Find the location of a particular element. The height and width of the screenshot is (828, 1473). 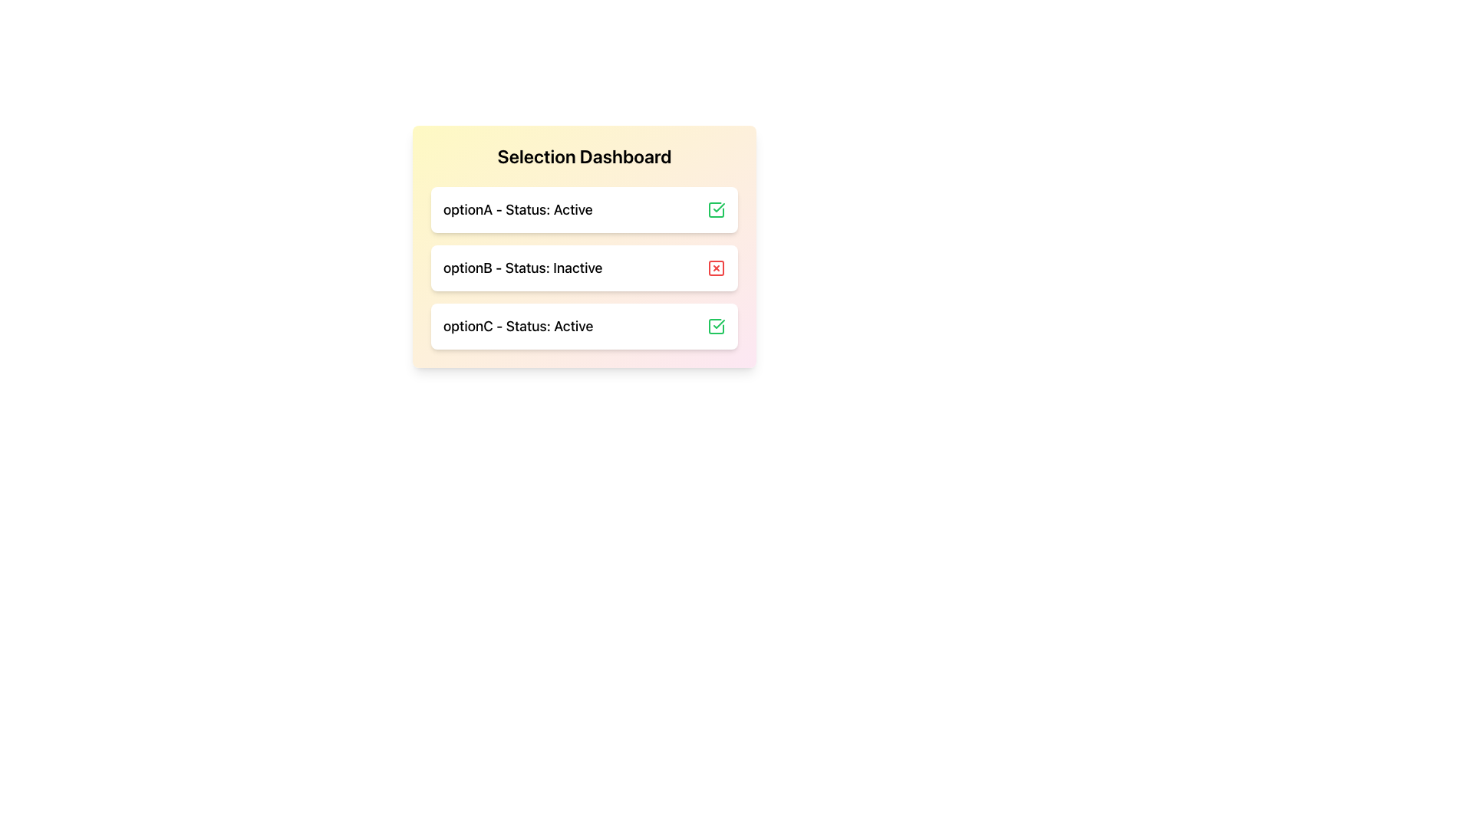

status information from the static text label indicating that 'optionA' is active, located at the topmost item of the vertically stacked list is located at coordinates (518, 209).